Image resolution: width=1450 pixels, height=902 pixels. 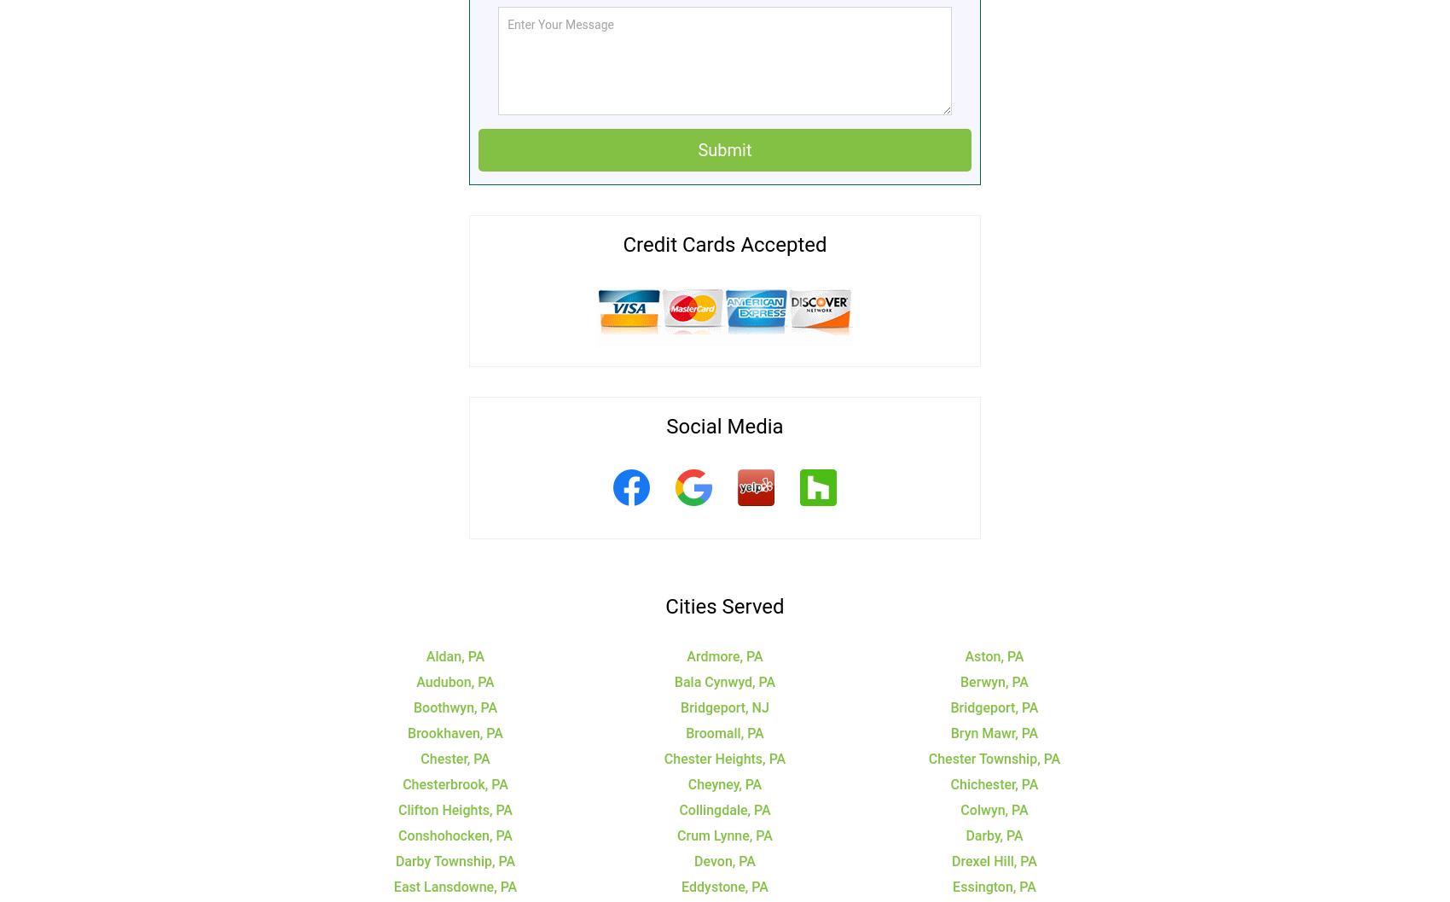 I want to click on 'Credit Cards Accepted', so click(x=723, y=243).